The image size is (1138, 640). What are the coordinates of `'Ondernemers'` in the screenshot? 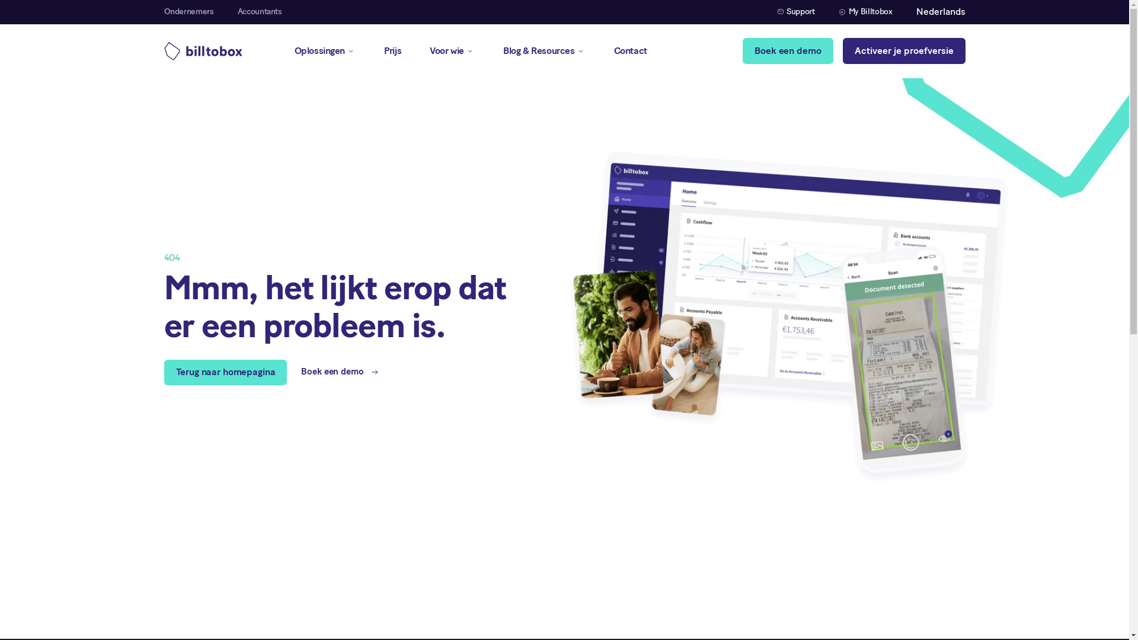 It's located at (187, 12).